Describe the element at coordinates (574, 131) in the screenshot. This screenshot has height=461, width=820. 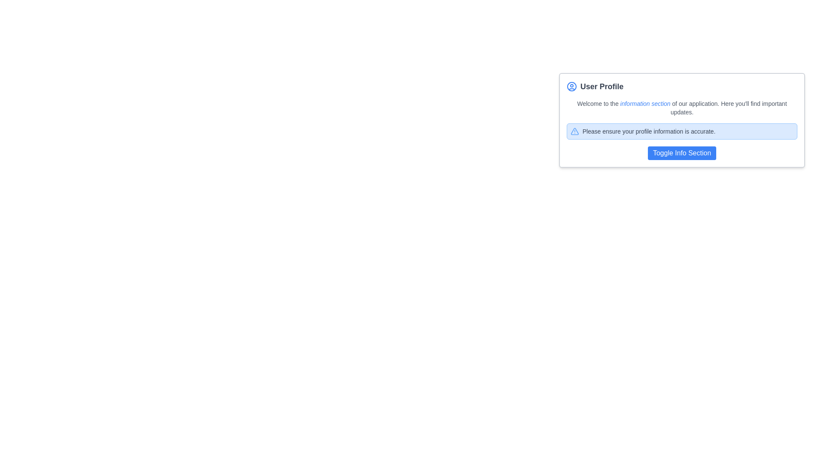
I see `the caution icon located to the immediate left of the informational text in the second section of the profile information panel` at that location.